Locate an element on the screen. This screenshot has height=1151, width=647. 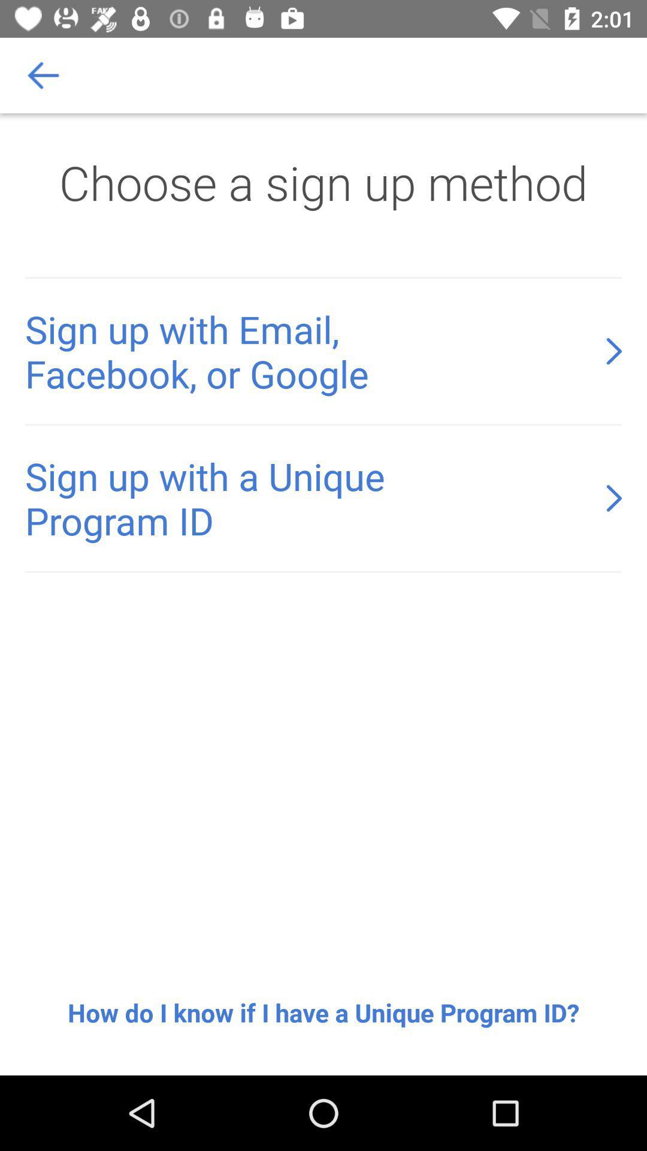
the icon above choose a sign item is located at coordinates (43, 74).